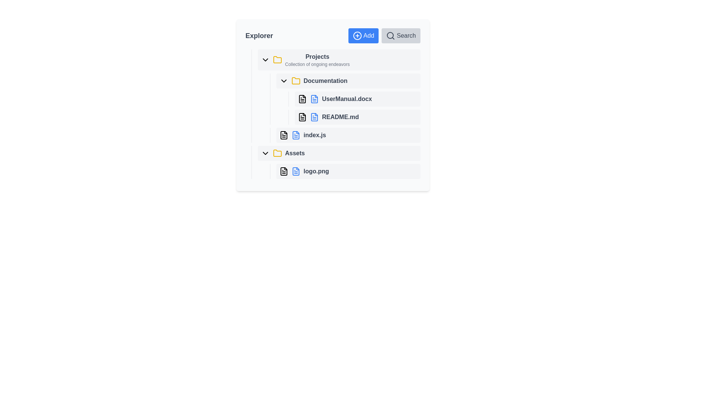  I want to click on the blue document icon, which is a vector-based graphic resembling a sheet of paper with a folded corner, located next to text or another icon in the UI, so click(296, 171).